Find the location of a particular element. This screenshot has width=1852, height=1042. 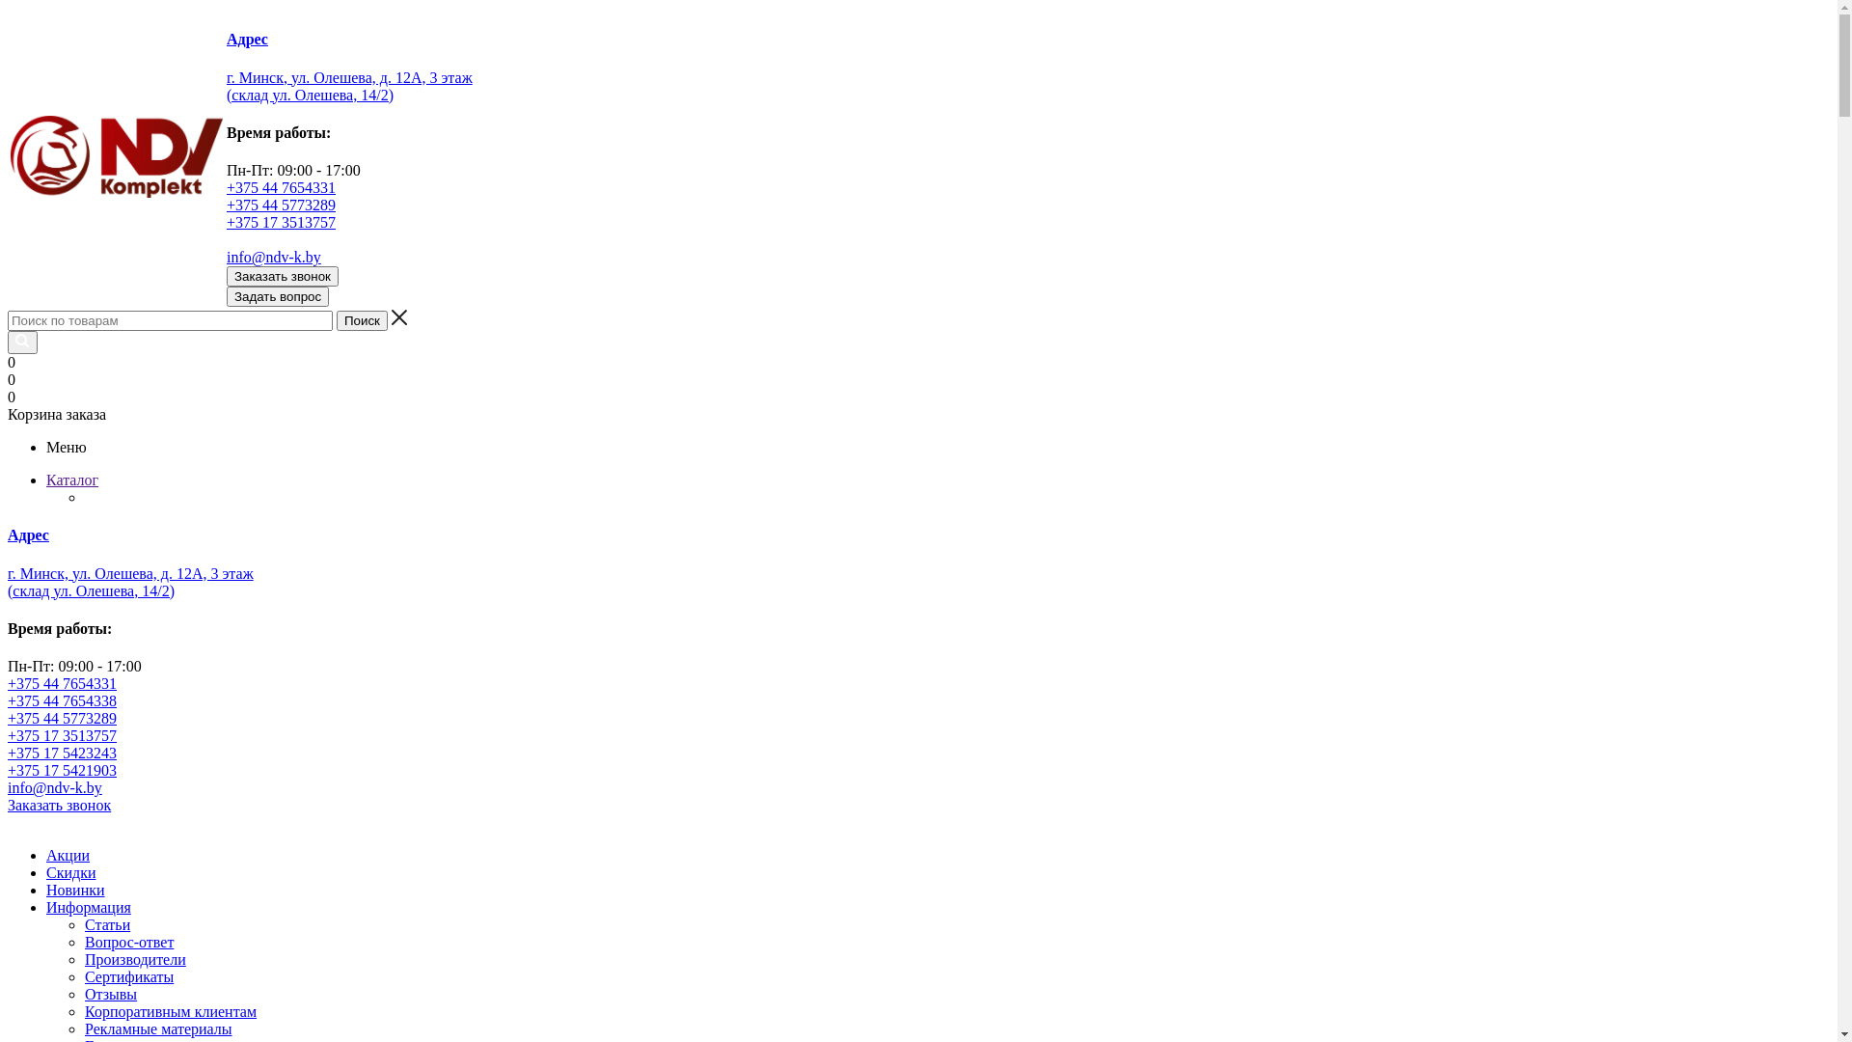

'+375 17 3513757' is located at coordinates (280, 221).